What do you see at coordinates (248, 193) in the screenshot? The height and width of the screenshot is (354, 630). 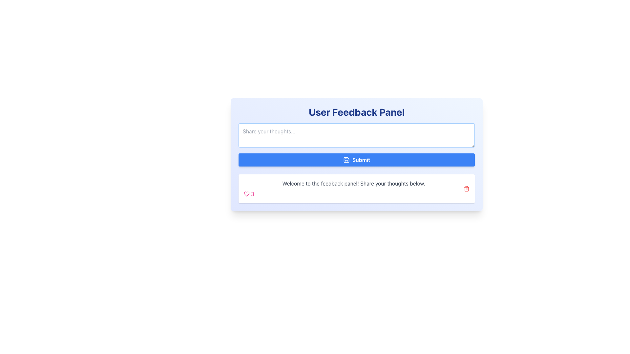 I see `the interactive button-like element containing an icon and text, which represents a like or appreciation count, located in the bottom section of the feedback panel` at bounding box center [248, 193].